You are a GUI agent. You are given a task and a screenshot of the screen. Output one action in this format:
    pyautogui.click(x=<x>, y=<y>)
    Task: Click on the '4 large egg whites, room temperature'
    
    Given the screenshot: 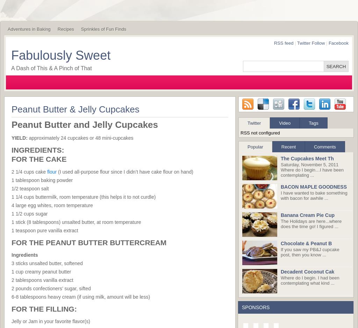 What is the action you would take?
    pyautogui.click(x=11, y=205)
    